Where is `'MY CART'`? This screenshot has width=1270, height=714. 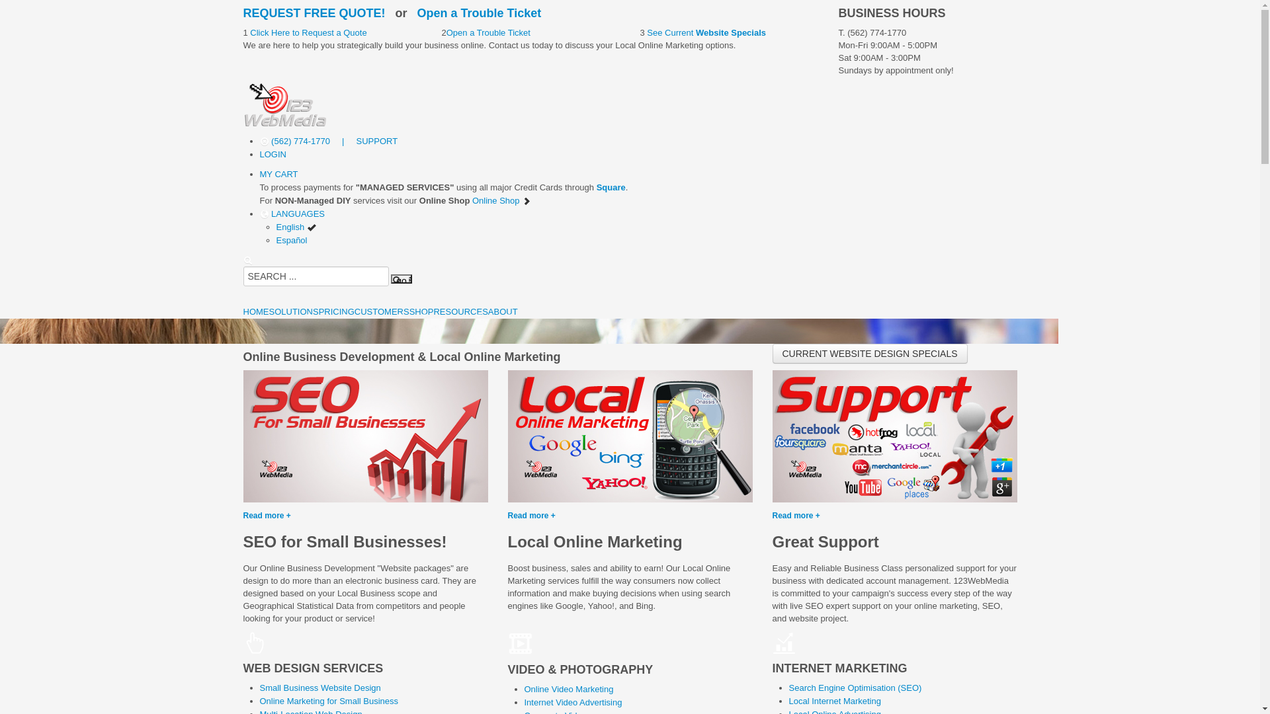
'MY CART' is located at coordinates (259, 173).